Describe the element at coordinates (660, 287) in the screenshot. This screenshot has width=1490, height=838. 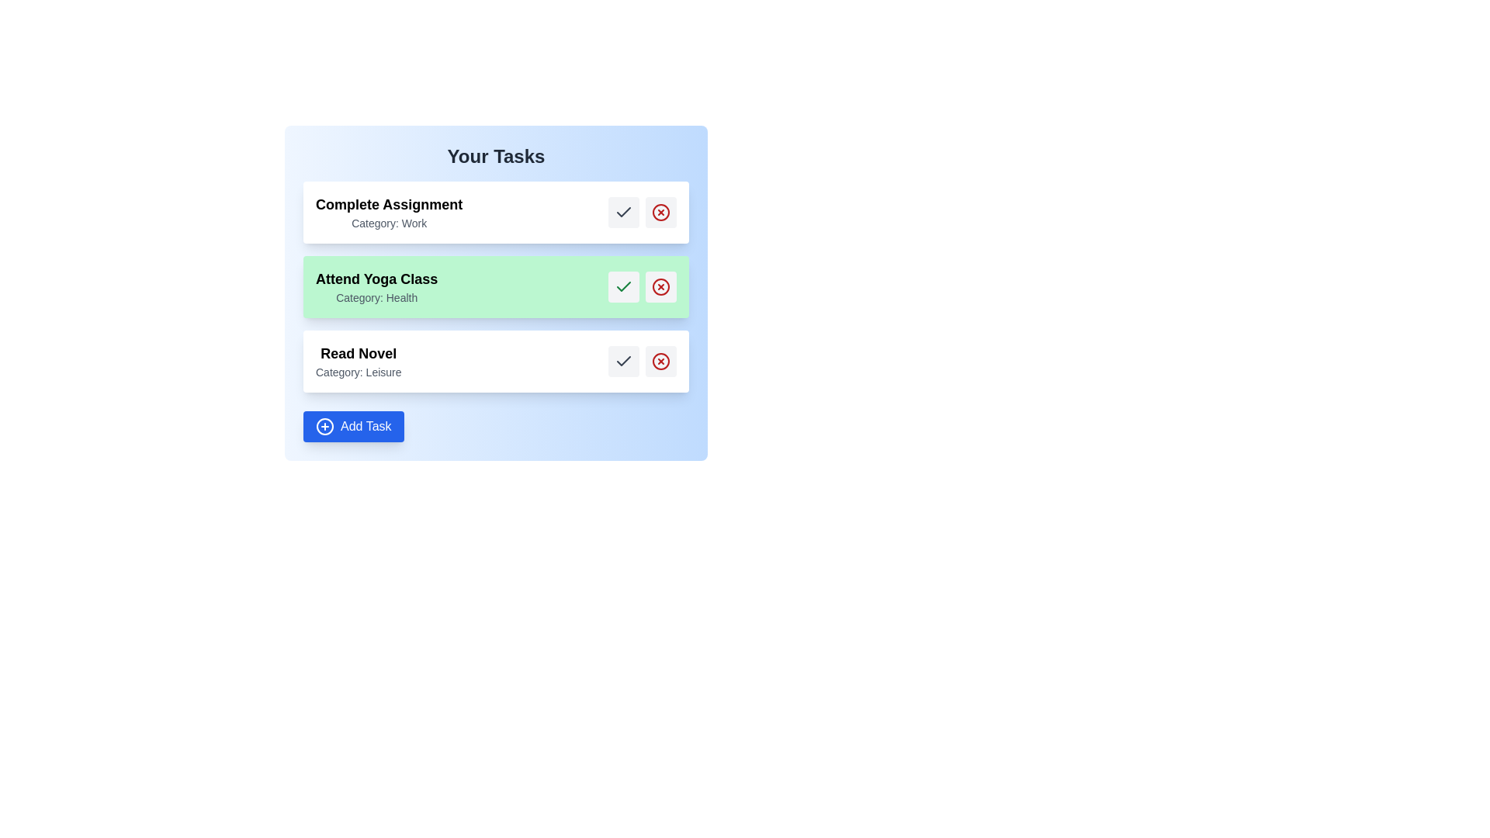
I see `the task titled Attend Yoga Class by clicking the red 'X' button next to it` at that location.